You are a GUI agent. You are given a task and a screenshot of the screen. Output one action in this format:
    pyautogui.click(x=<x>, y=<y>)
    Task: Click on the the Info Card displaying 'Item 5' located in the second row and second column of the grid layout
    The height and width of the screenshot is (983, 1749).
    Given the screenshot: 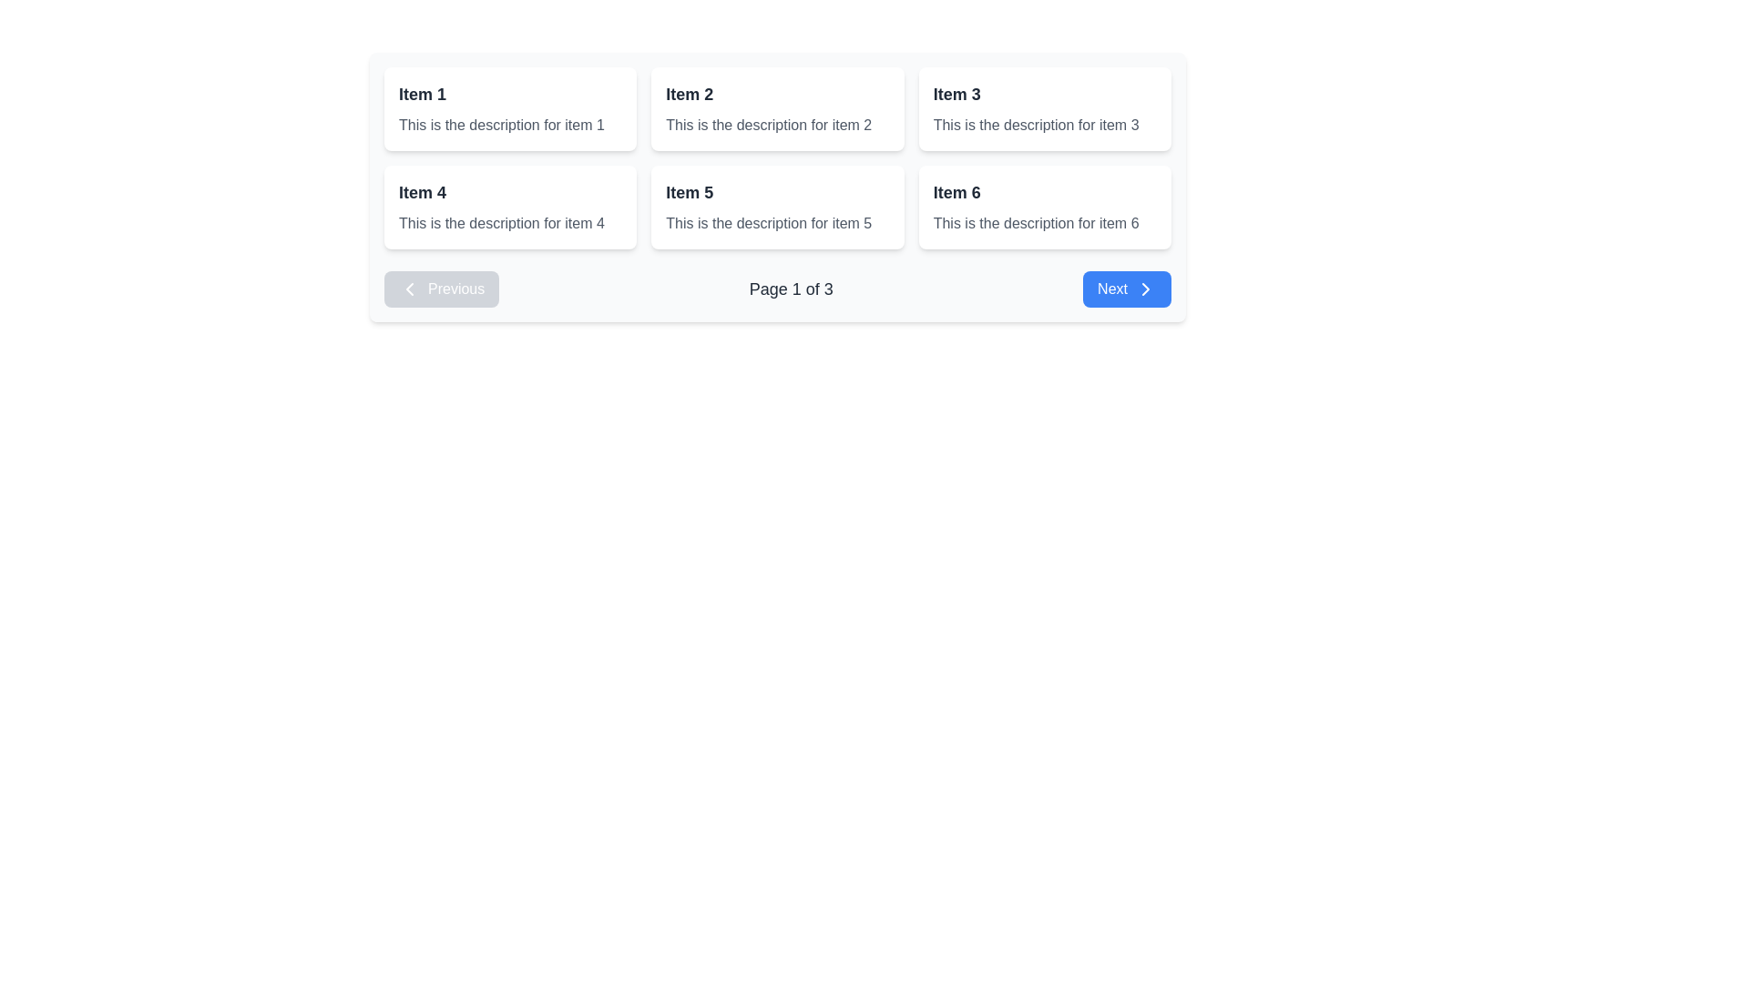 What is the action you would take?
    pyautogui.click(x=778, y=206)
    